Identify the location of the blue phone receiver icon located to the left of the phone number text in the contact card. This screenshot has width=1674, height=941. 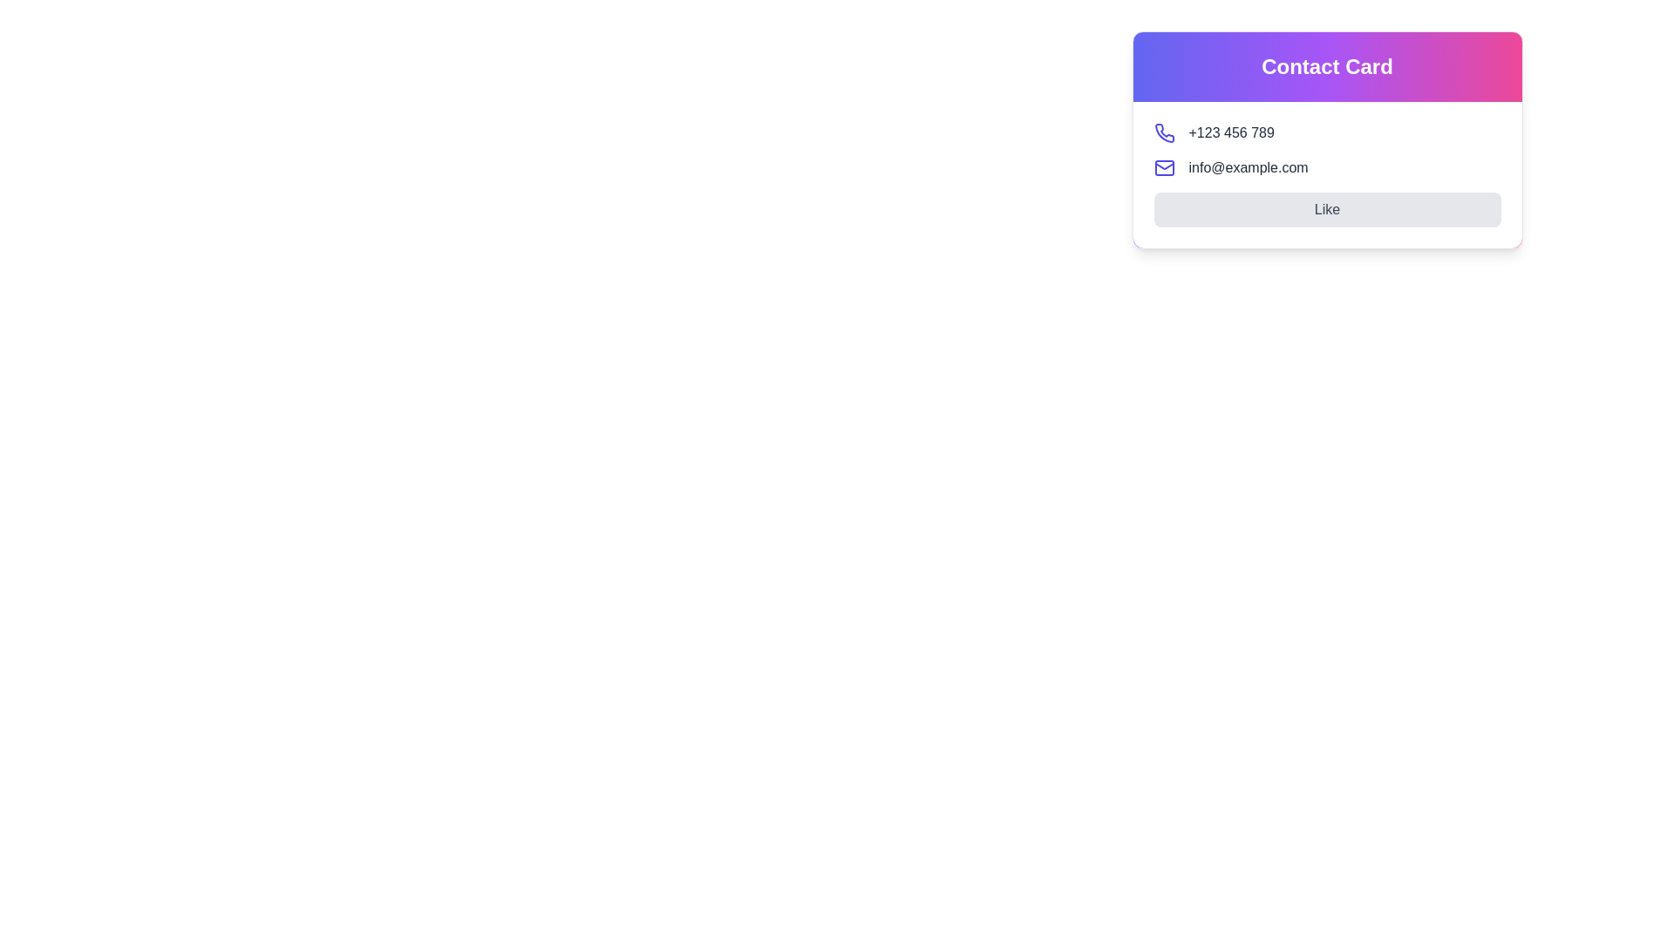
(1163, 131).